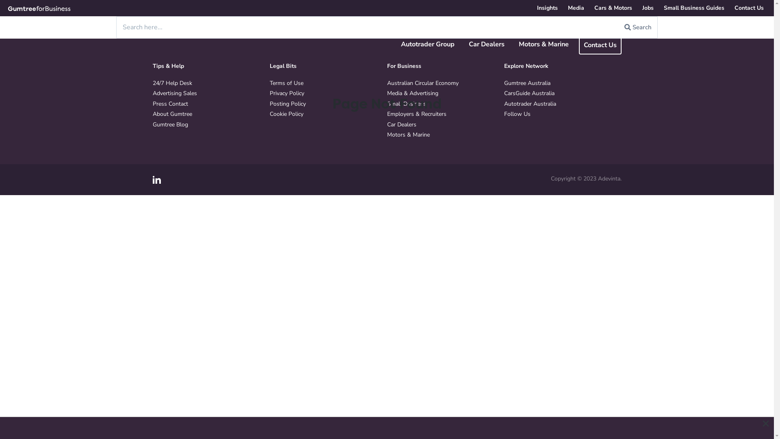 This screenshot has height=439, width=780. What do you see at coordinates (172, 114) in the screenshot?
I see `'About Gumtree'` at bounding box center [172, 114].